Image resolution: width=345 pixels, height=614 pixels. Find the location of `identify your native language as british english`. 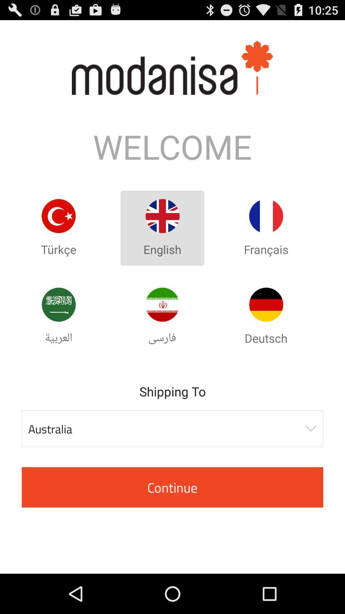

identify your native language as british english is located at coordinates (162, 216).